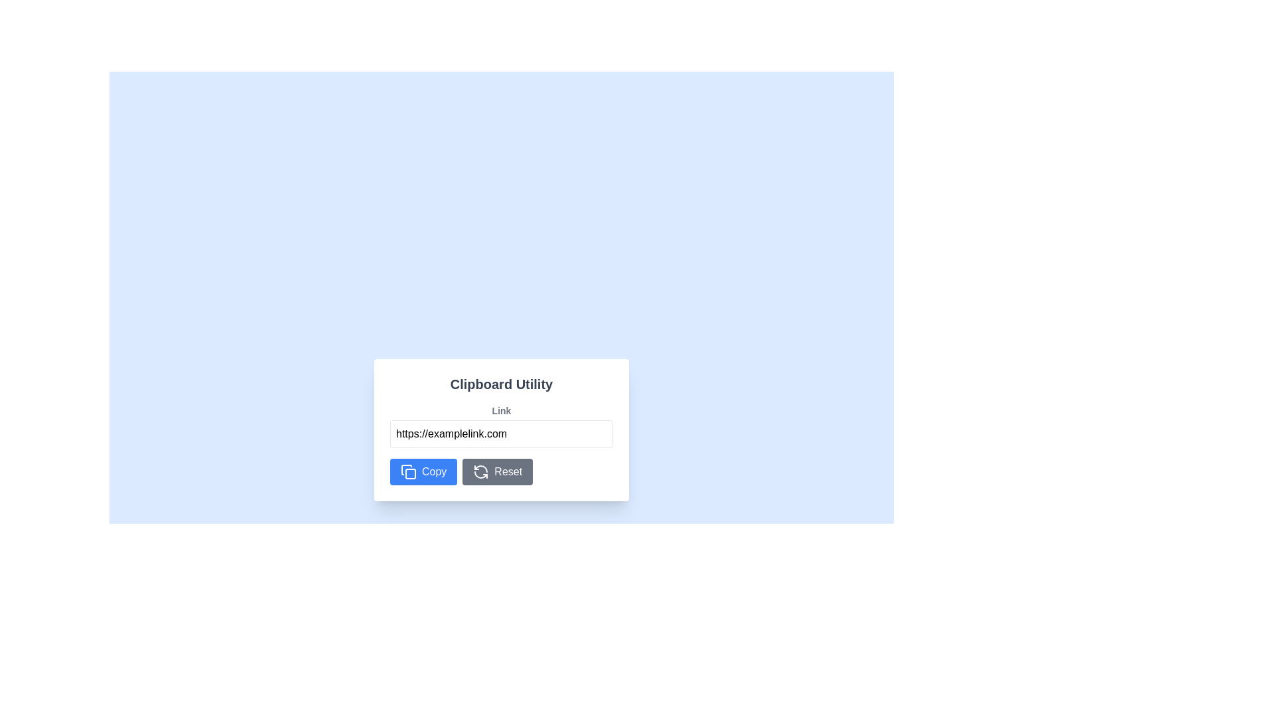 The height and width of the screenshot is (717, 1274). I want to click on the text label indicating the copy action, which is positioned to the right of the icon within the button, so click(434, 471).